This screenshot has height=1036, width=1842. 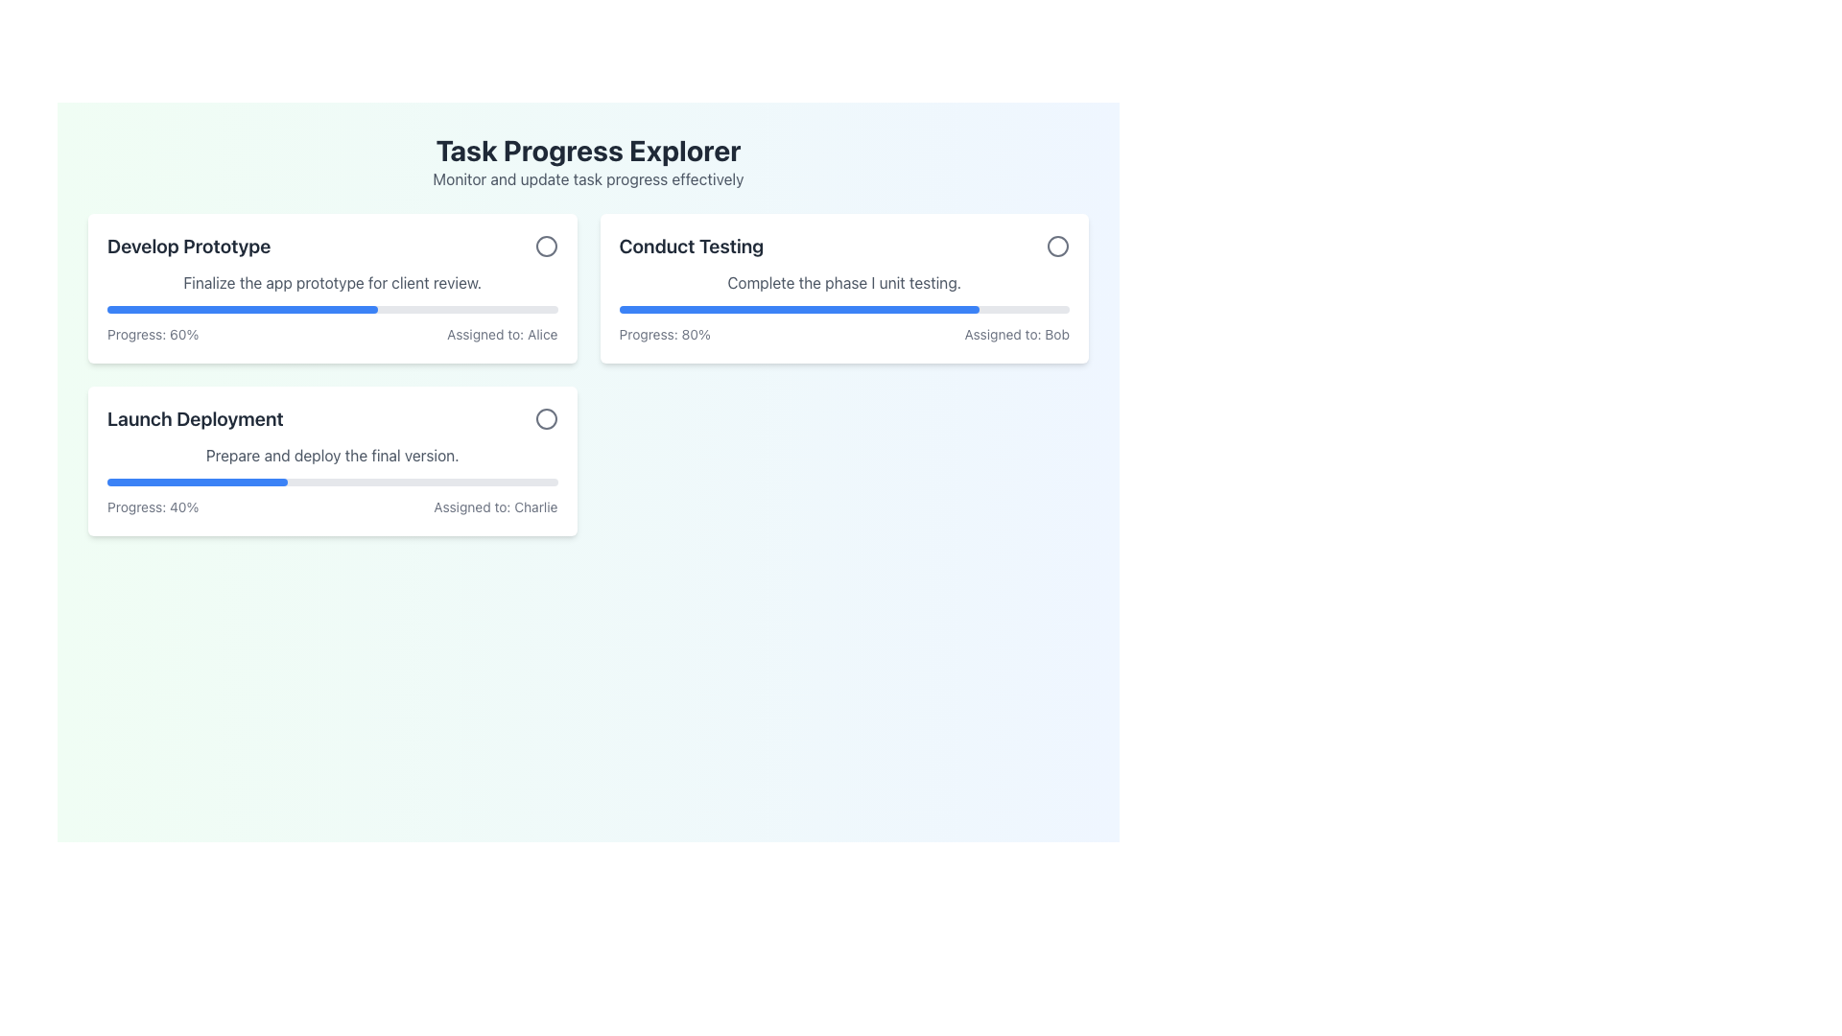 I want to click on the progress bar located in the 'Conduct Testing' task card, which visually represents the completion progress of the associated task, so click(x=844, y=309).